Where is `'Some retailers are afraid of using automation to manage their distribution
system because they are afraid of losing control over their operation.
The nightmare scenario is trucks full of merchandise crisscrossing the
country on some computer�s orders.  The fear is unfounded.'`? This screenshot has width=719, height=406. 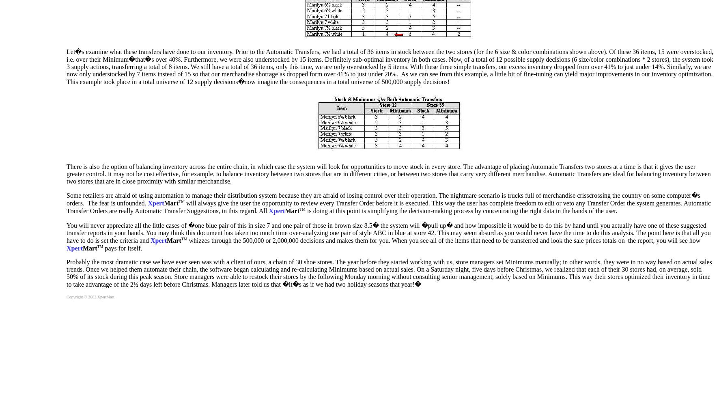 'Some retailers are afraid of using automation to manage their distribution
system because they are afraid of losing control over their operation.
The nightmare scenario is trucks full of merchandise crisscrossing the
country on some computer�s orders.  The fear is unfounded.' is located at coordinates (67, 199).